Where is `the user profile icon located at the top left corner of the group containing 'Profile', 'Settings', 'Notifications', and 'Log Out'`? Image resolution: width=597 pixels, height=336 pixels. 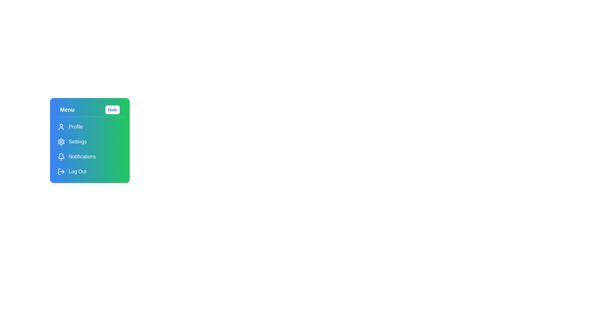
the user profile icon located at the top left corner of the group containing 'Profile', 'Settings', 'Notifications', and 'Log Out' is located at coordinates (61, 127).